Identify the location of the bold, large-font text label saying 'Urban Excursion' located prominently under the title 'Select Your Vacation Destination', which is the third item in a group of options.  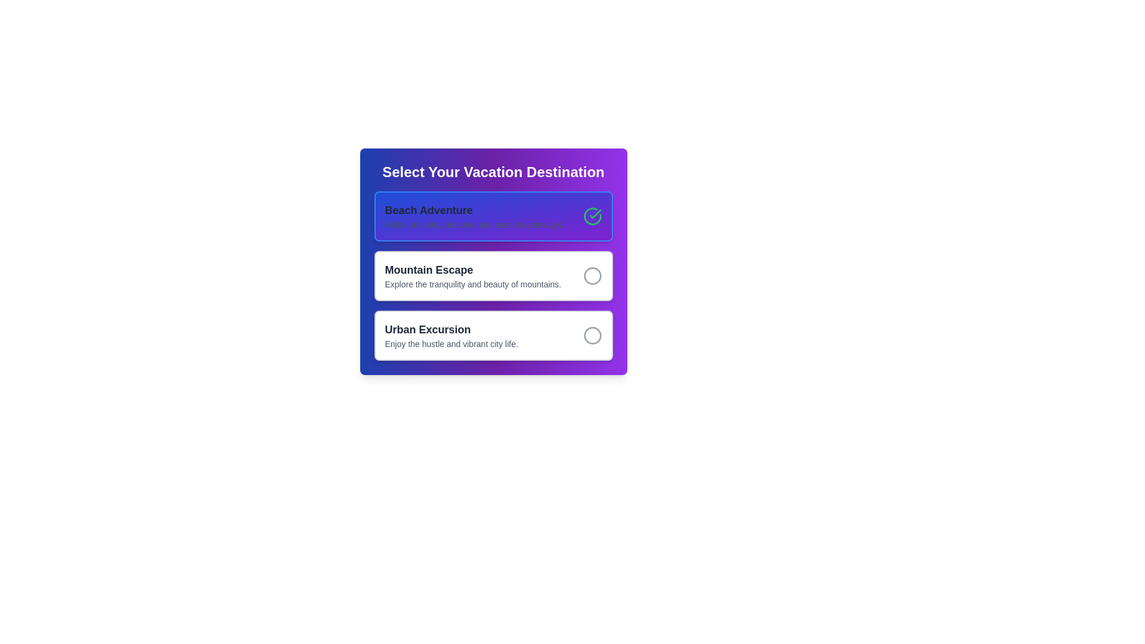
(451, 329).